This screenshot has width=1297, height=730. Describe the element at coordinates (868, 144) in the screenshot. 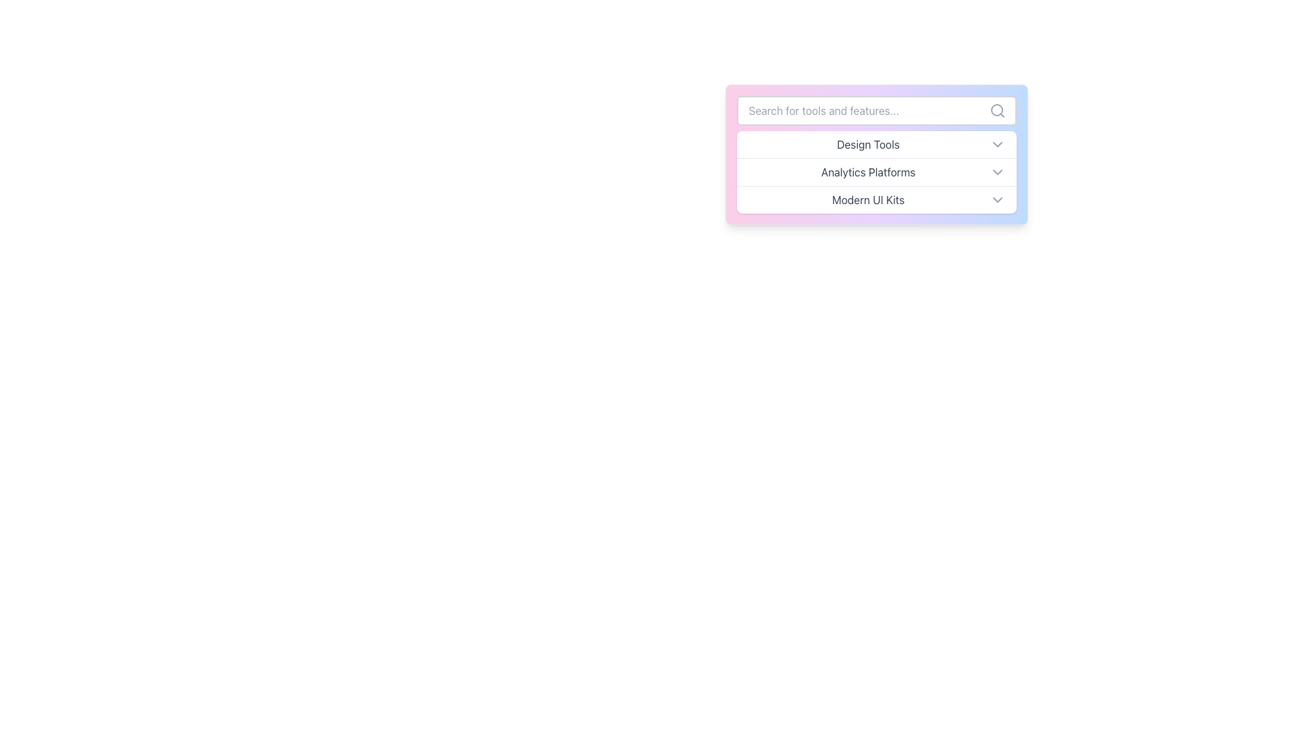

I see `the 'Design Tools' text label, which is the first menu item in the dropdown interface, displayed in dark gray font within a light-colored rectangular area` at that location.